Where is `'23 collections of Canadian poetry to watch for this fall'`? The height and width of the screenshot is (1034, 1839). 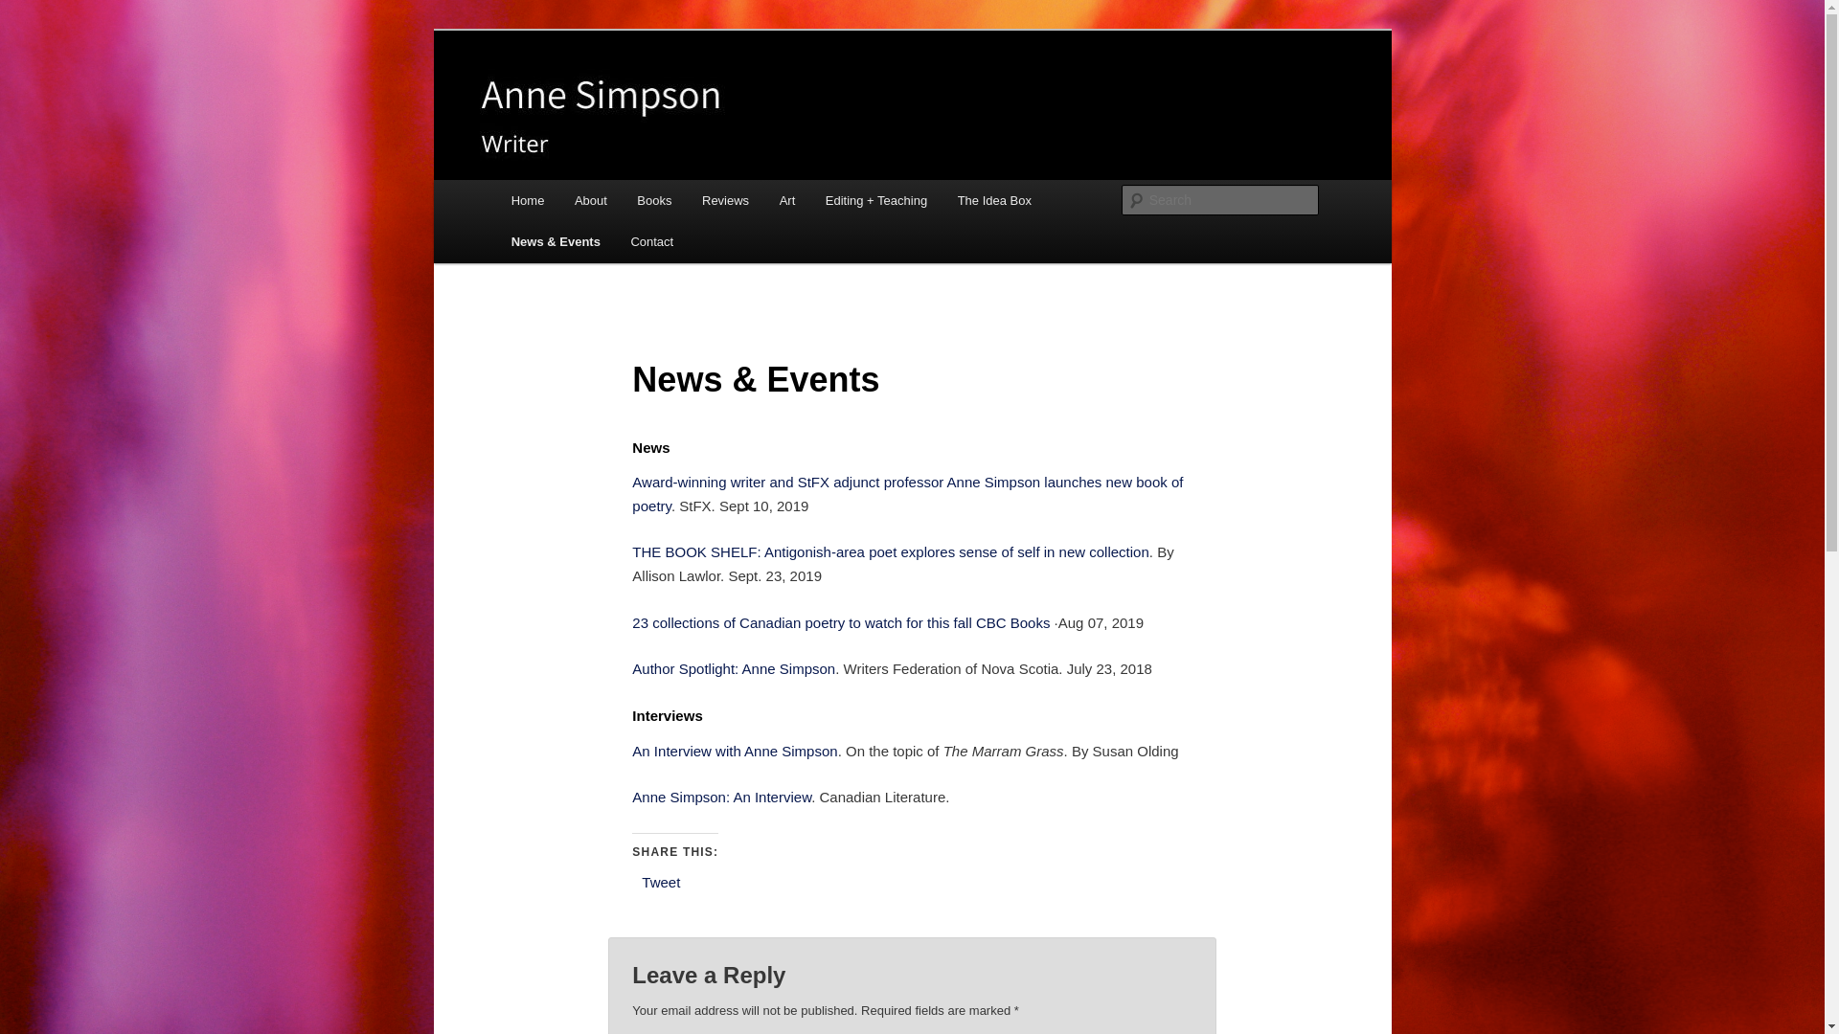
'23 collections of Canadian poetry to watch for this fall' is located at coordinates (801, 622).